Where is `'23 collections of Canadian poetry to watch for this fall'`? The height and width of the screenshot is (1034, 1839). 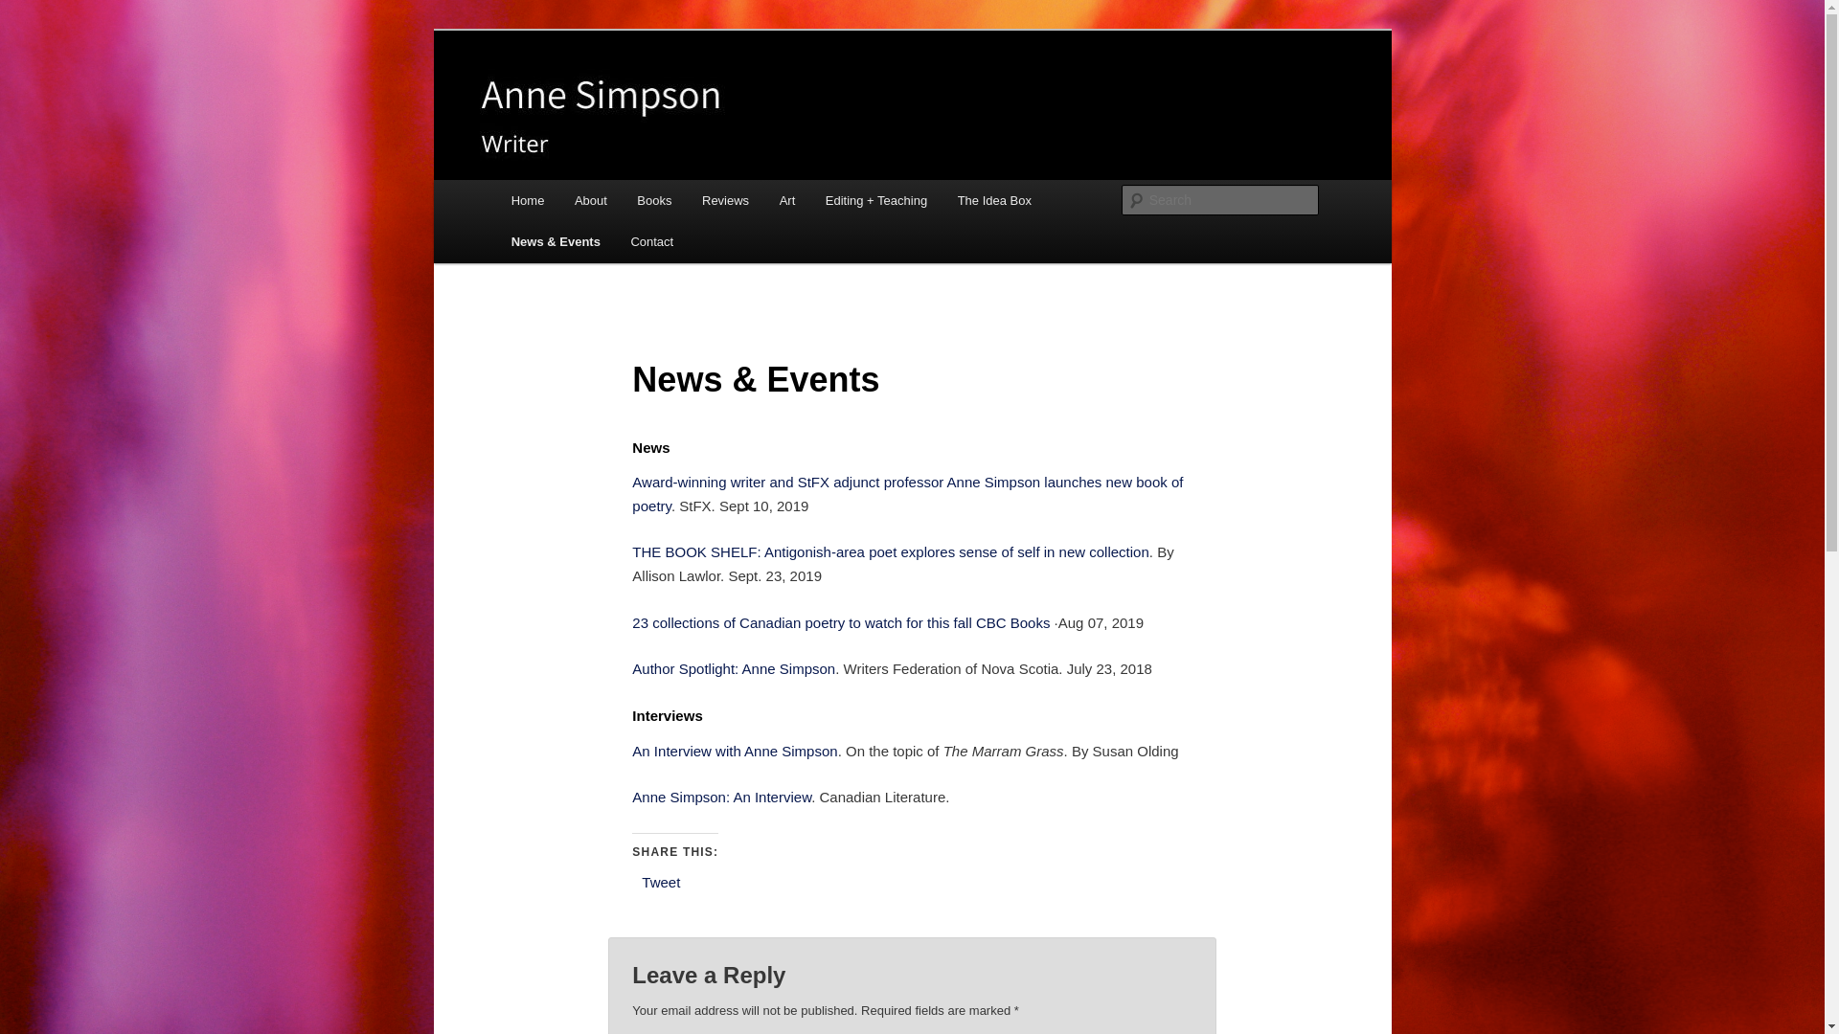
'23 collections of Canadian poetry to watch for this fall' is located at coordinates (801, 622).